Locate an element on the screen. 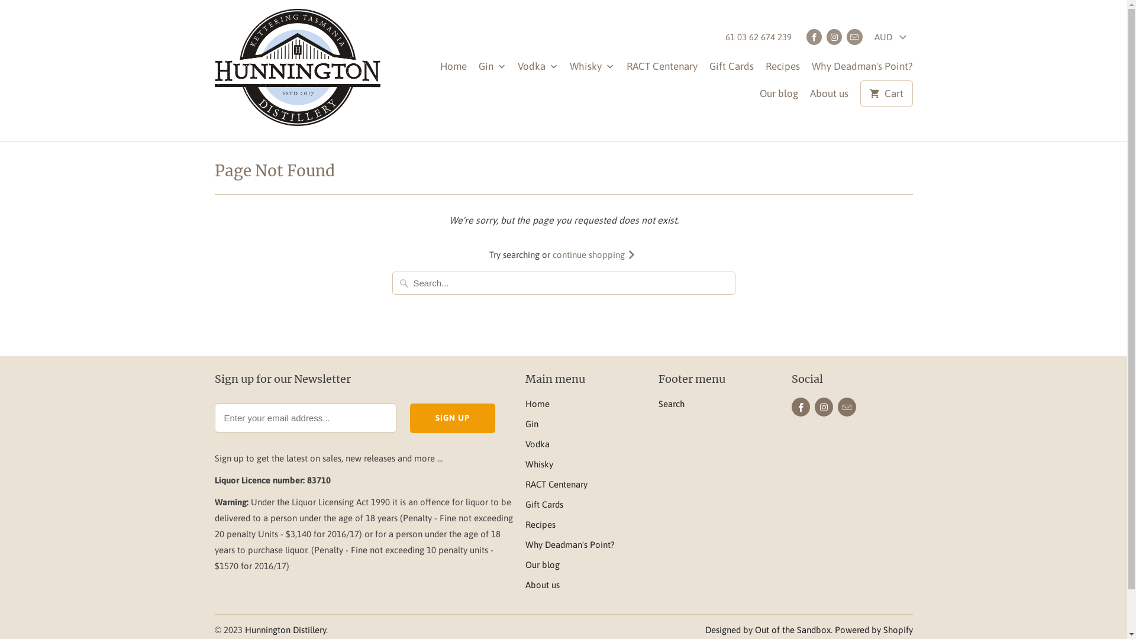 The width and height of the screenshot is (1136, 639). 'Powered by Shopify' is located at coordinates (873, 629).